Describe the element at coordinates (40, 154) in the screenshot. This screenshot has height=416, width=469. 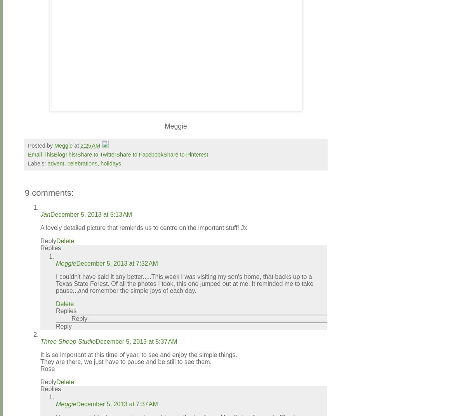
I see `'Email This'` at that location.